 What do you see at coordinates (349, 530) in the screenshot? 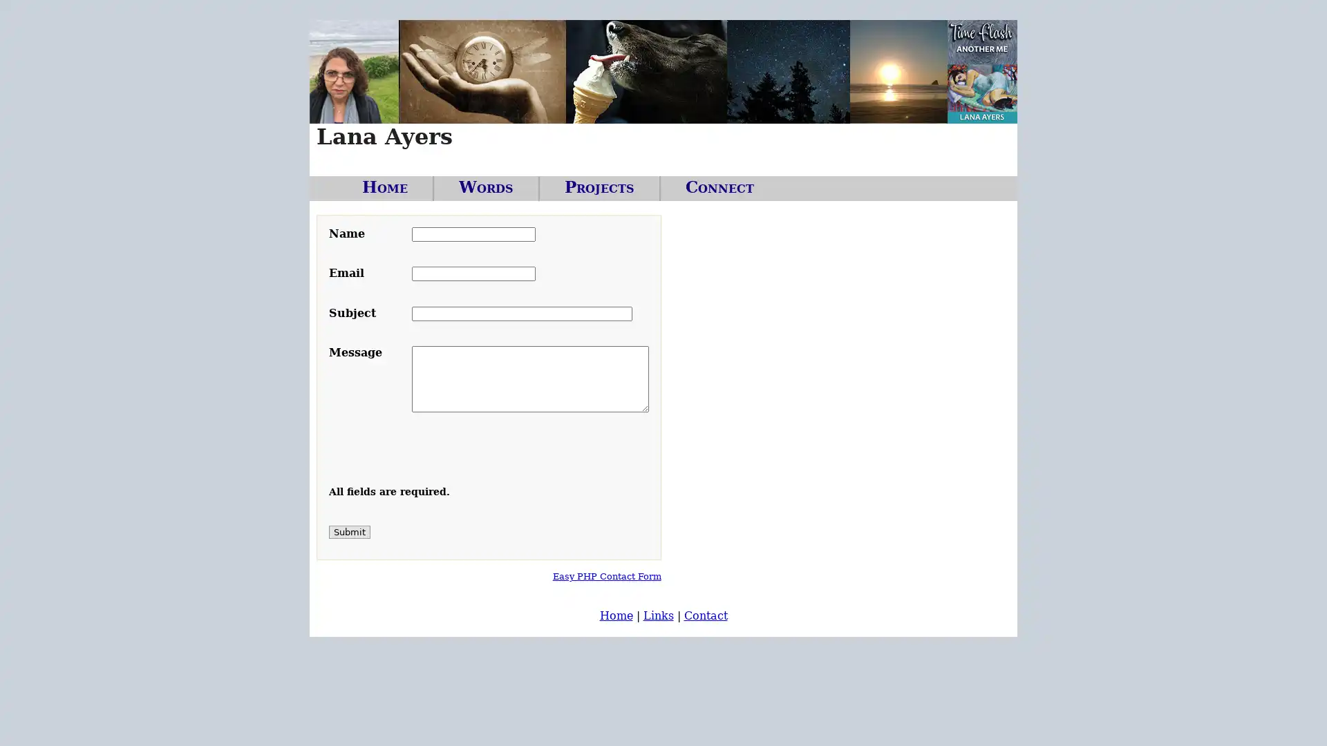
I see `Submit` at bounding box center [349, 530].